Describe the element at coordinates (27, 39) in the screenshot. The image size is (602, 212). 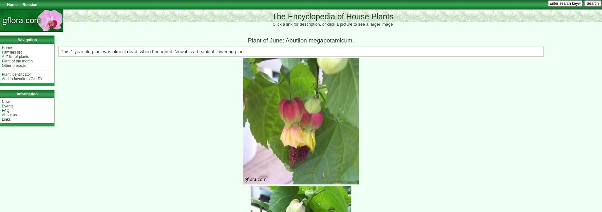
I see `'Navigation'` at that location.